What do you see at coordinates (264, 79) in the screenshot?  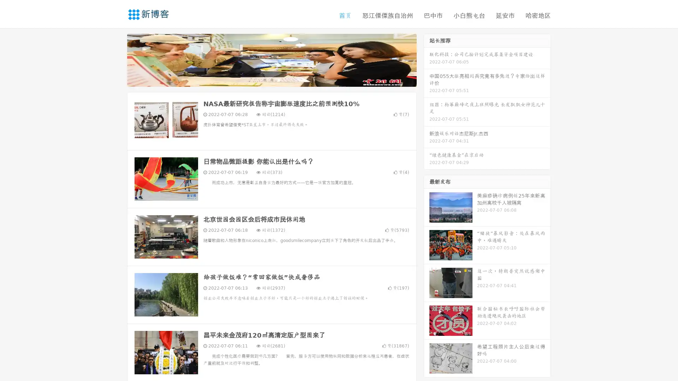 I see `Go to slide 1` at bounding box center [264, 79].